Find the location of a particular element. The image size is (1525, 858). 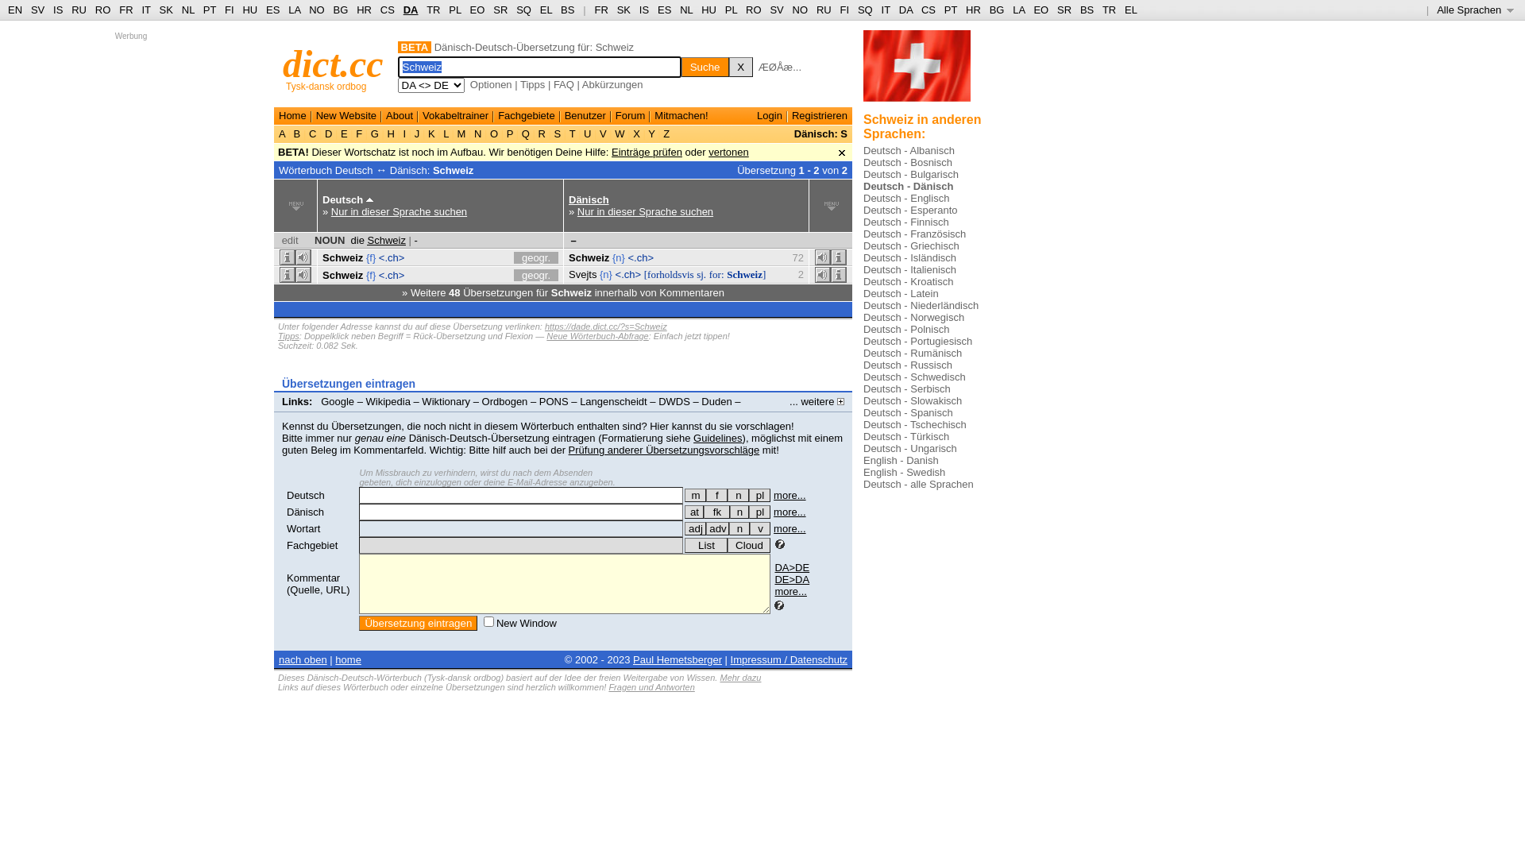

'A' is located at coordinates (283, 133).